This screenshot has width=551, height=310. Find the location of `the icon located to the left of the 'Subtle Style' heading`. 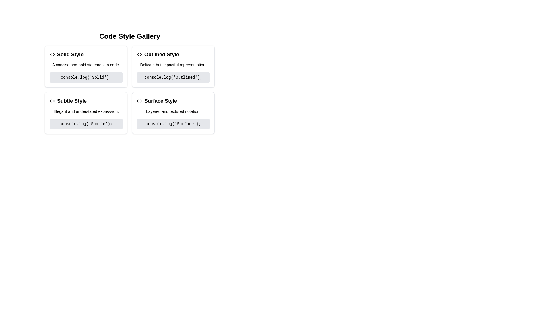

the icon located to the left of the 'Subtle Style' heading is located at coordinates (52, 100).